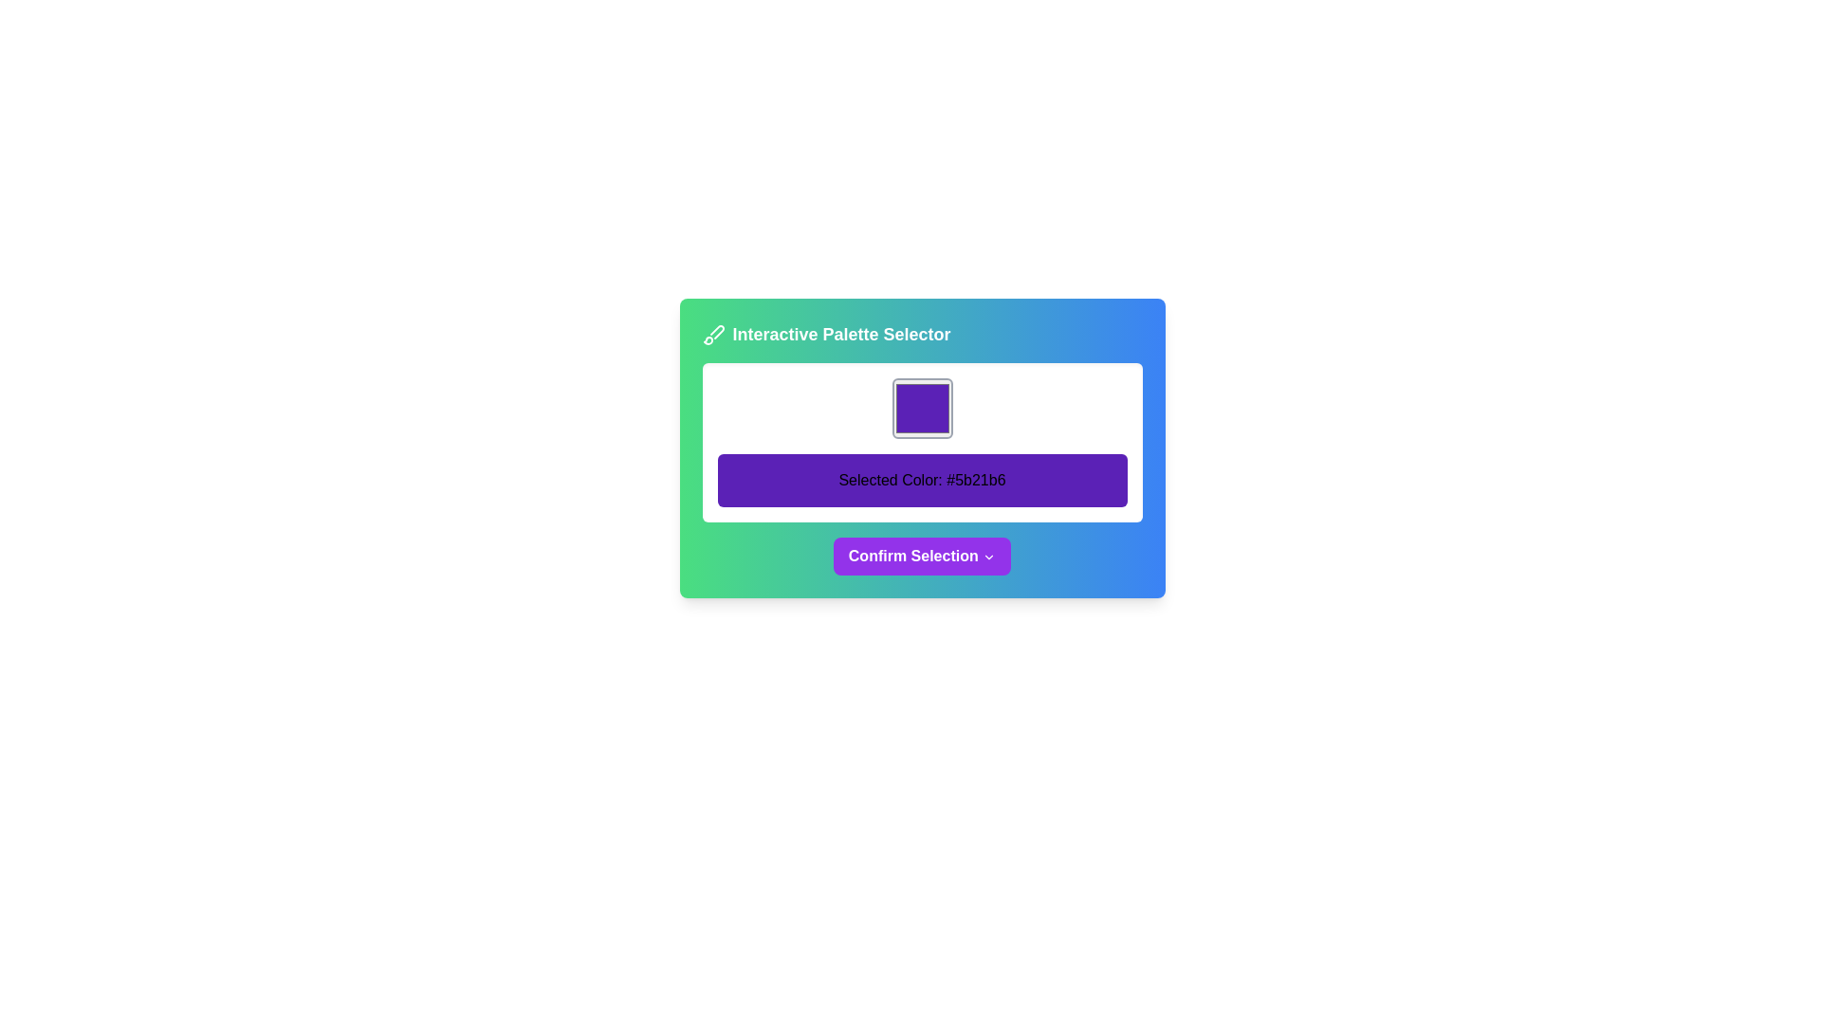 The width and height of the screenshot is (1821, 1024). I want to click on the icon indicating additional functionality next to the 'Confirm Selection' button within the purple button in the dialog box, so click(988, 556).